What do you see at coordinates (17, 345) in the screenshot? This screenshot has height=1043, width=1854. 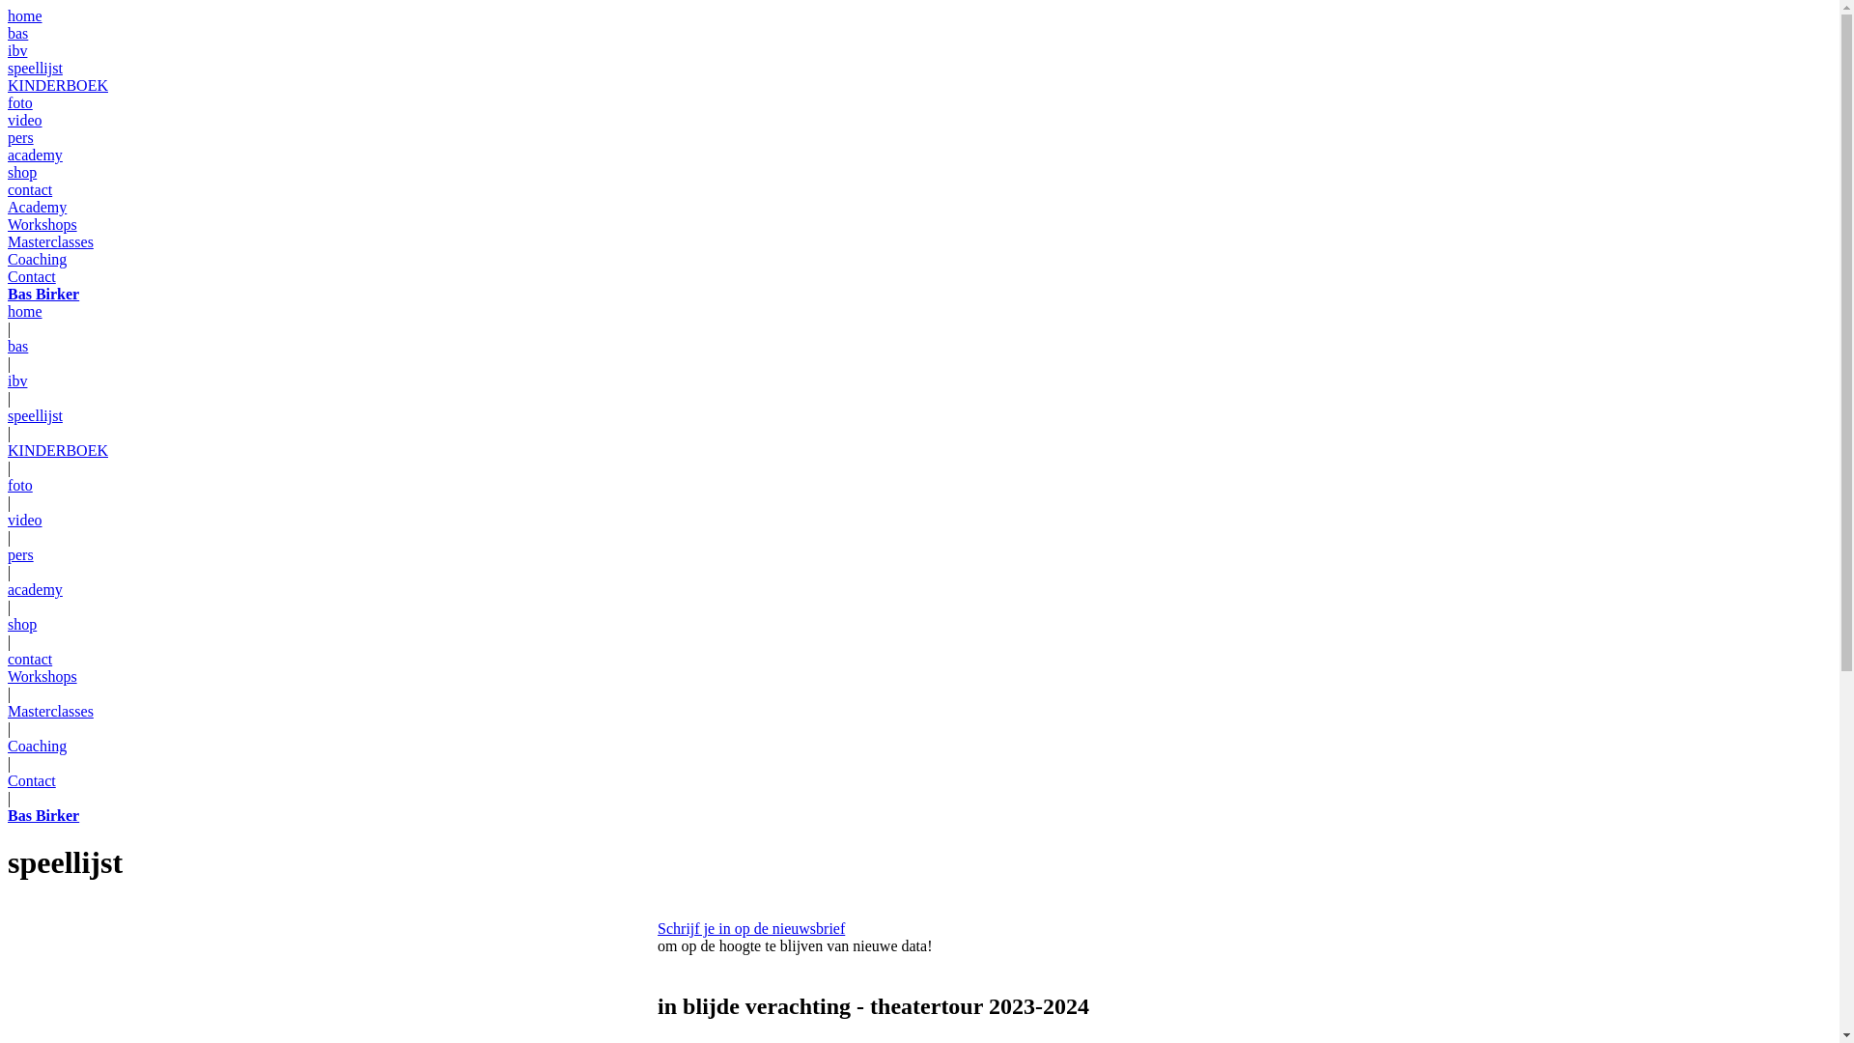 I see `'bas'` at bounding box center [17, 345].